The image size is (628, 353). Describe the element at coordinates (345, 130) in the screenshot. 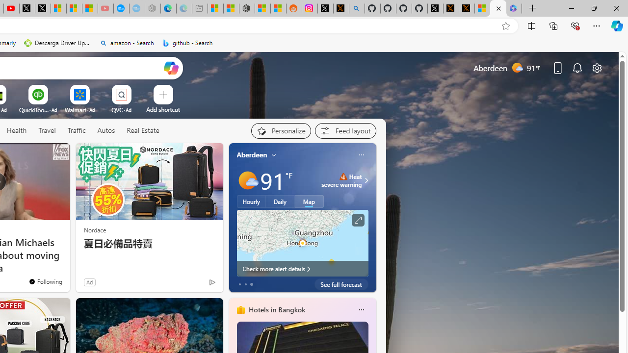

I see `'Feed settings'` at that location.